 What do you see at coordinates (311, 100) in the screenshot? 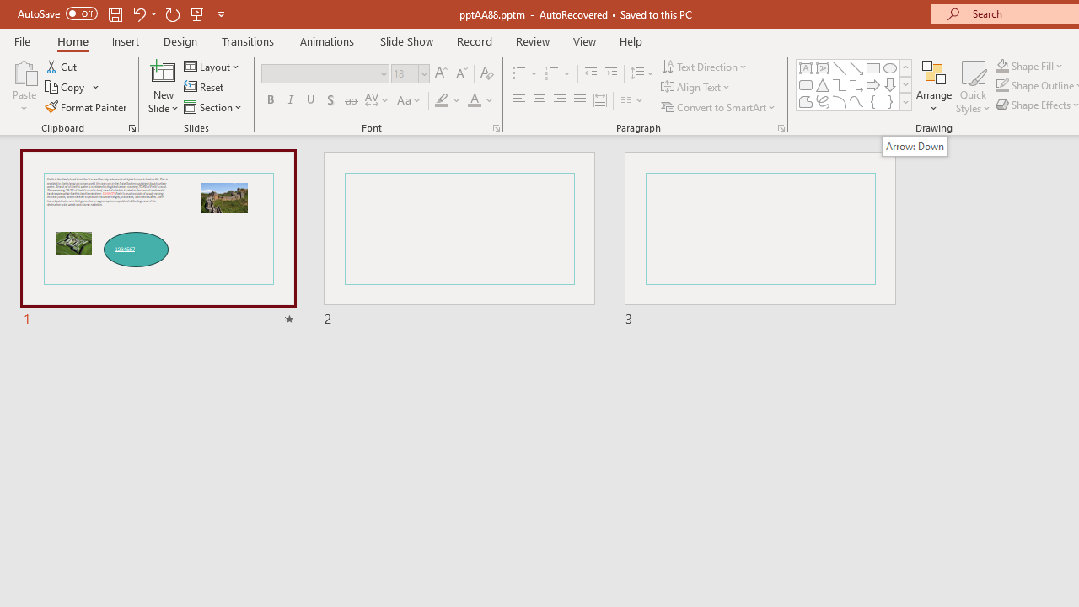
I see `'Underline'` at bounding box center [311, 100].